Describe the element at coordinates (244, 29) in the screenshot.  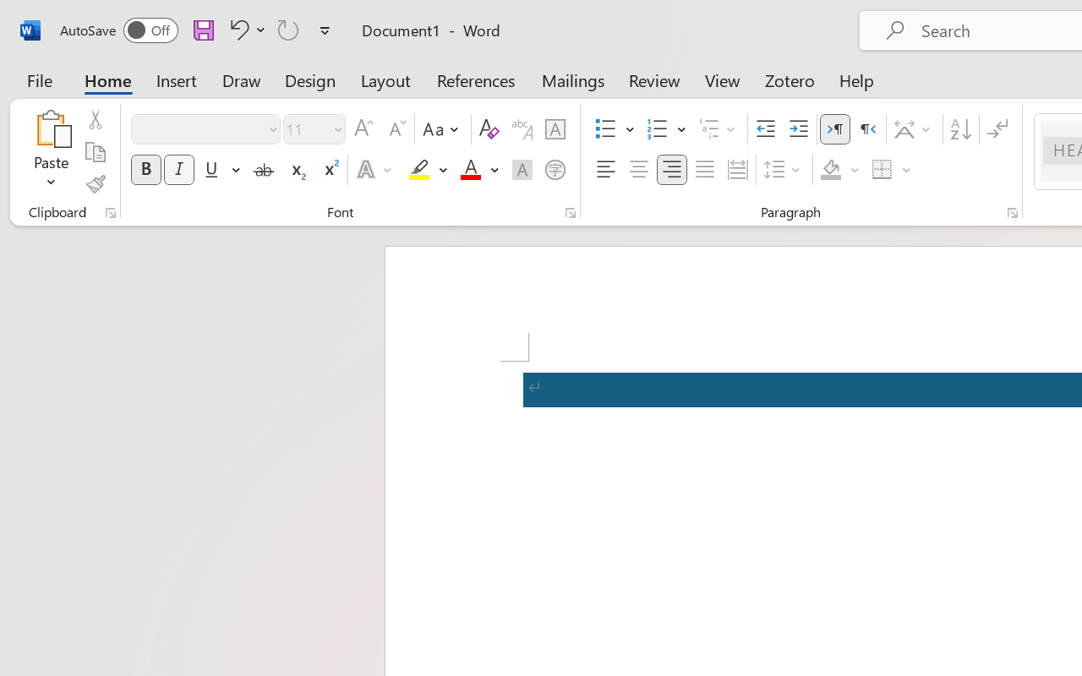
I see `'Undo'` at that location.